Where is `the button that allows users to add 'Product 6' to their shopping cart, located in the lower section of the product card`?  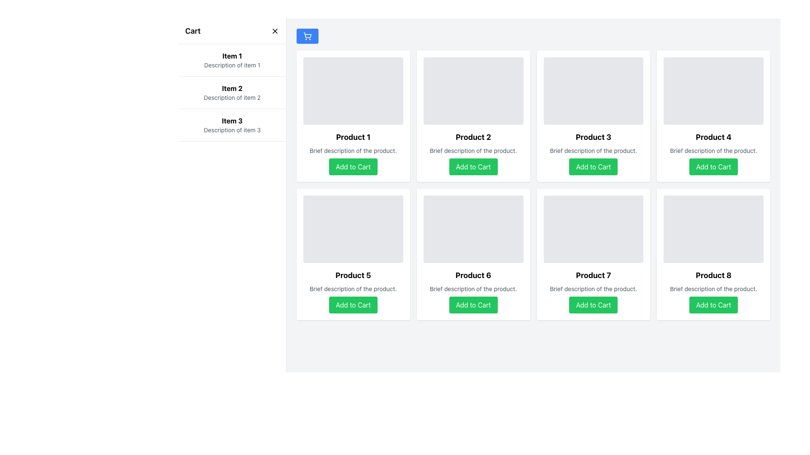
the button that allows users to add 'Product 6' to their shopping cart, located in the lower section of the product card is located at coordinates (473, 305).